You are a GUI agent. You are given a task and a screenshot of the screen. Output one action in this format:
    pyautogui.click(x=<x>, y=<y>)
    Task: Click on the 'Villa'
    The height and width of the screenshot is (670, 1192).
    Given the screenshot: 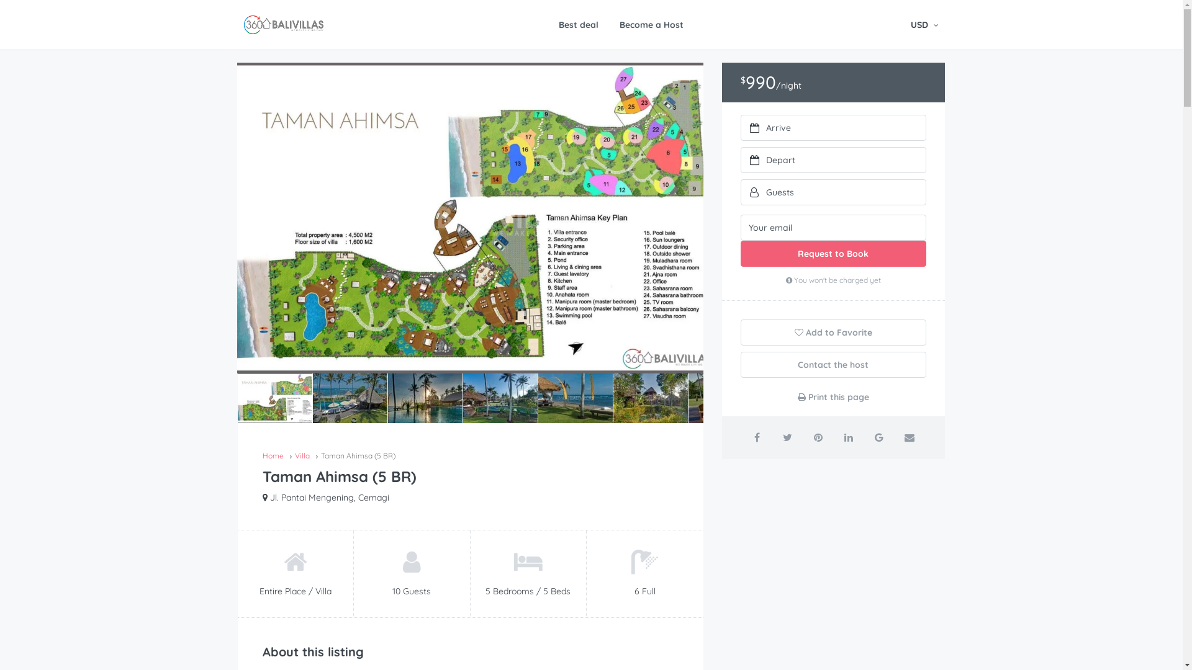 What is the action you would take?
    pyautogui.click(x=301, y=455)
    